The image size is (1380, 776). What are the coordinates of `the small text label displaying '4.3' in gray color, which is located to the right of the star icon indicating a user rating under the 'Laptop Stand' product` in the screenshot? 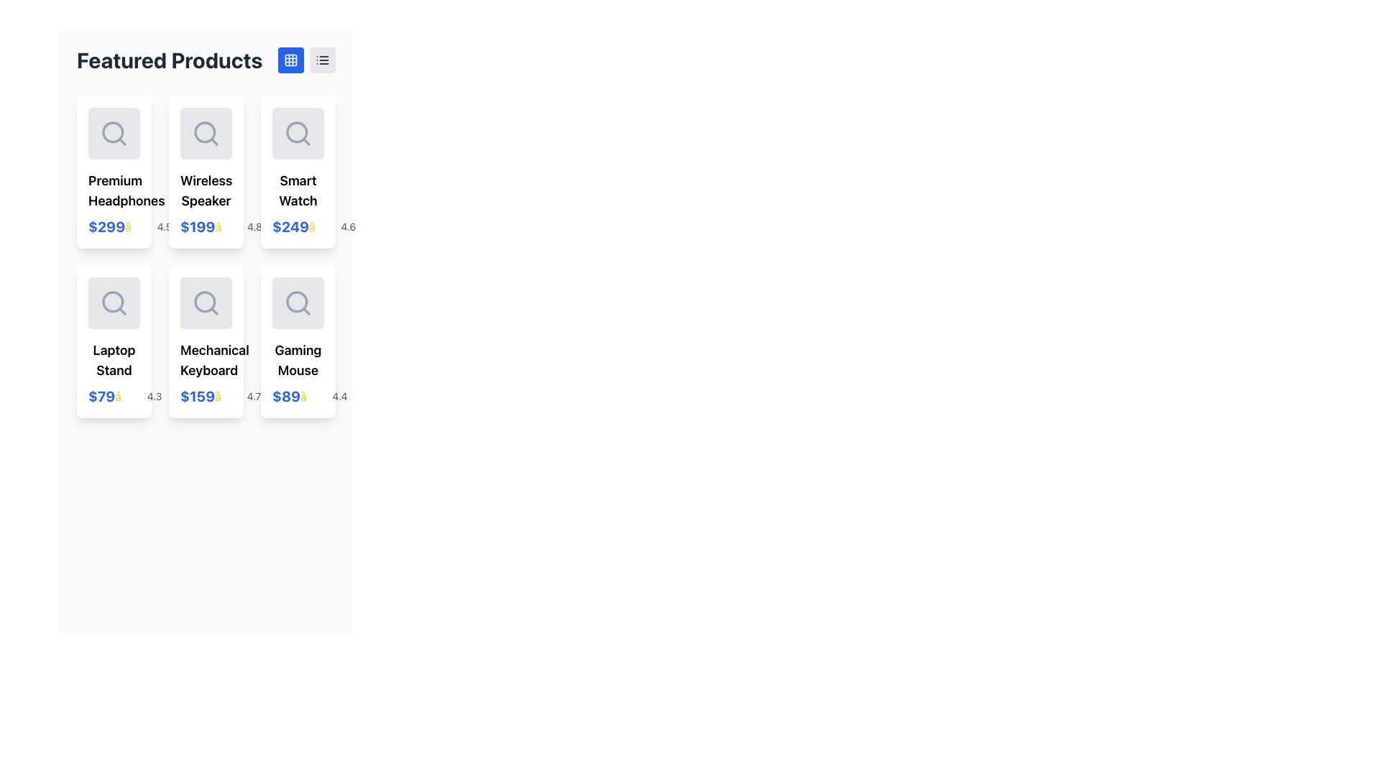 It's located at (155, 396).